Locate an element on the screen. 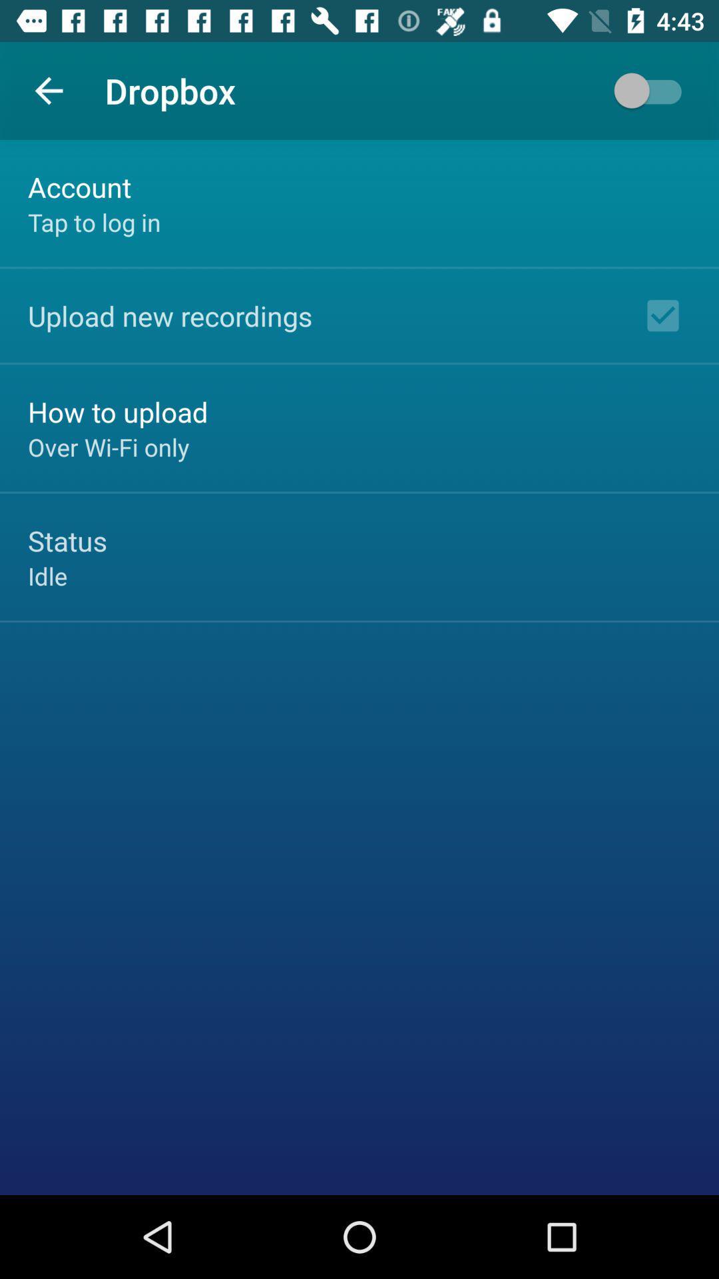 The height and width of the screenshot is (1279, 719). the app next to the dropbox app is located at coordinates (48, 90).